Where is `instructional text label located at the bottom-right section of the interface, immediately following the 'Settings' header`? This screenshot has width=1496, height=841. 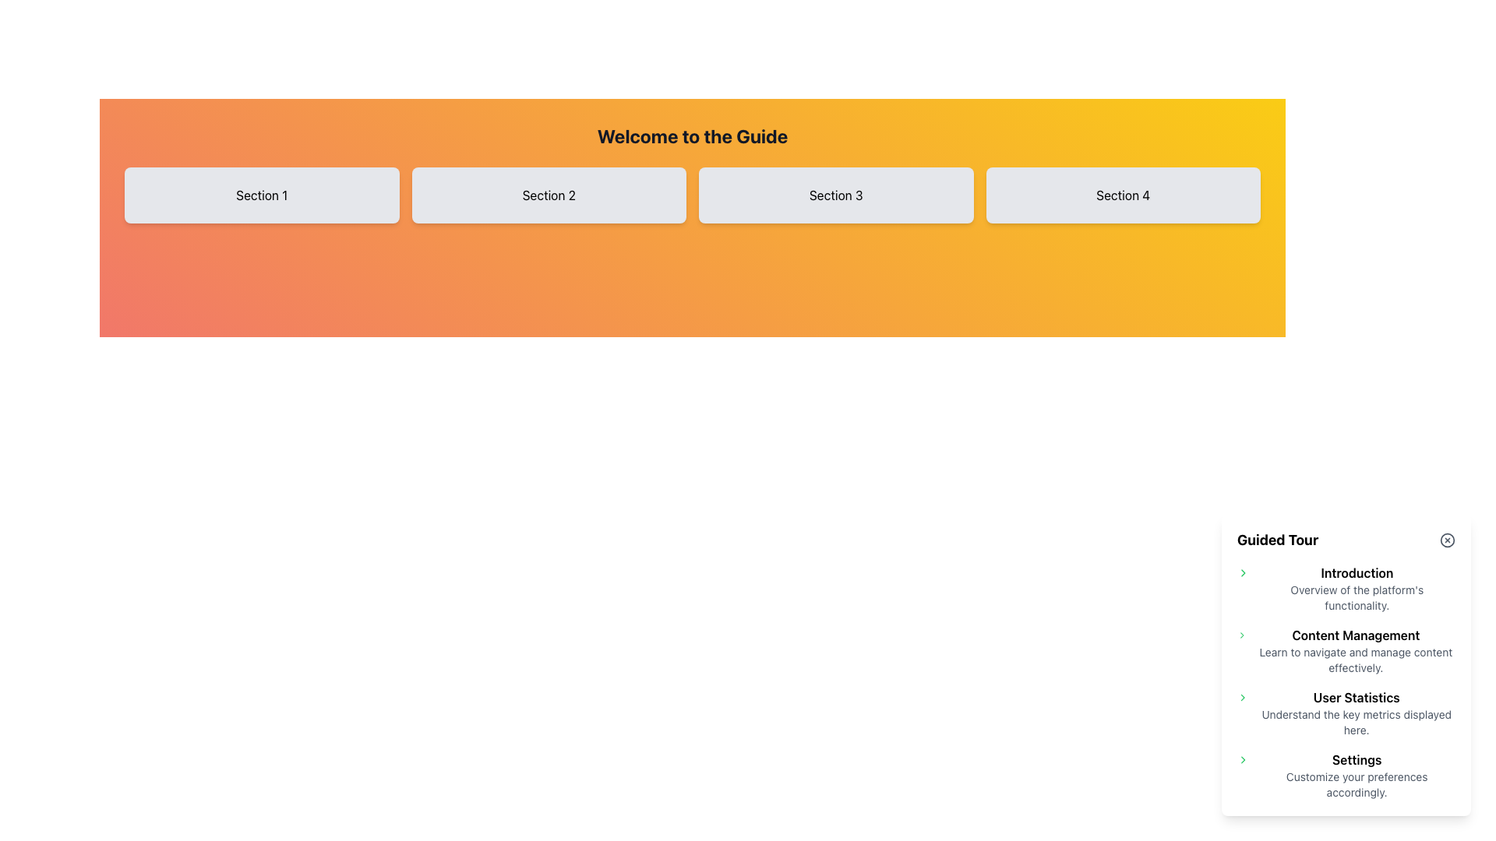 instructional text label located at the bottom-right section of the interface, immediately following the 'Settings' header is located at coordinates (1356, 784).